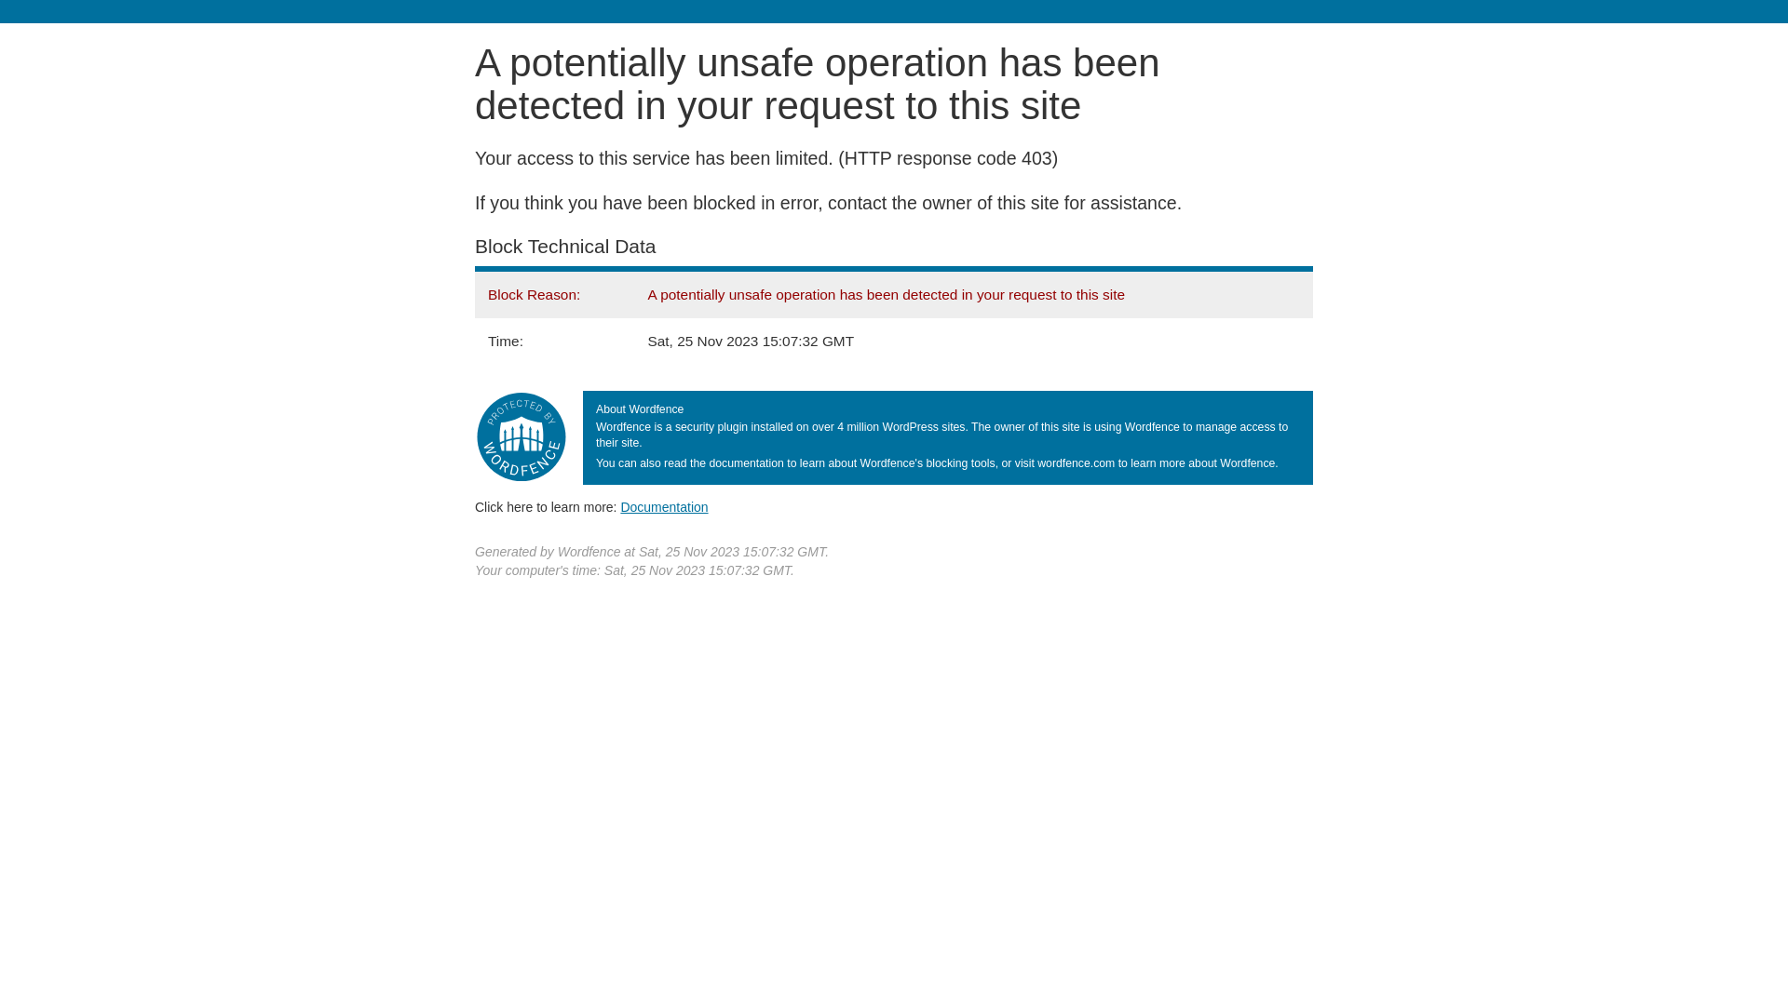 This screenshot has width=1788, height=1005. What do you see at coordinates (664, 506) in the screenshot?
I see `'Documentation'` at bounding box center [664, 506].